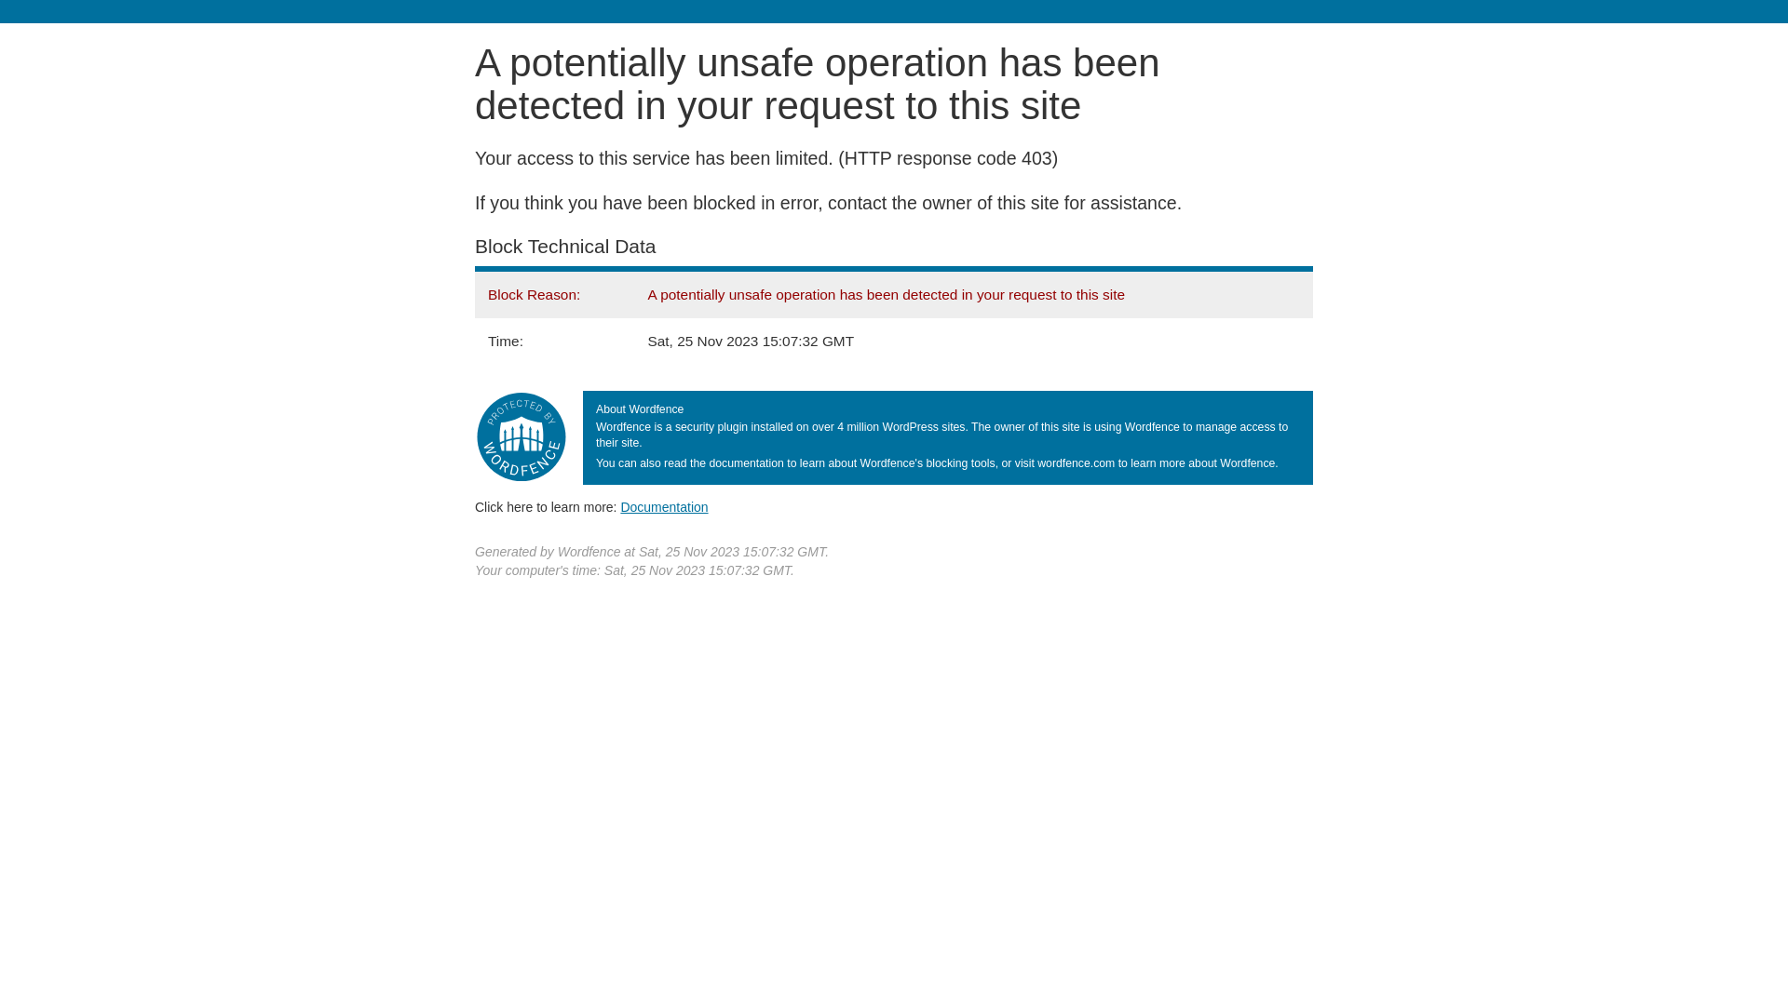 This screenshot has width=1788, height=1005. What do you see at coordinates (664, 506) in the screenshot?
I see `'Documentation'` at bounding box center [664, 506].